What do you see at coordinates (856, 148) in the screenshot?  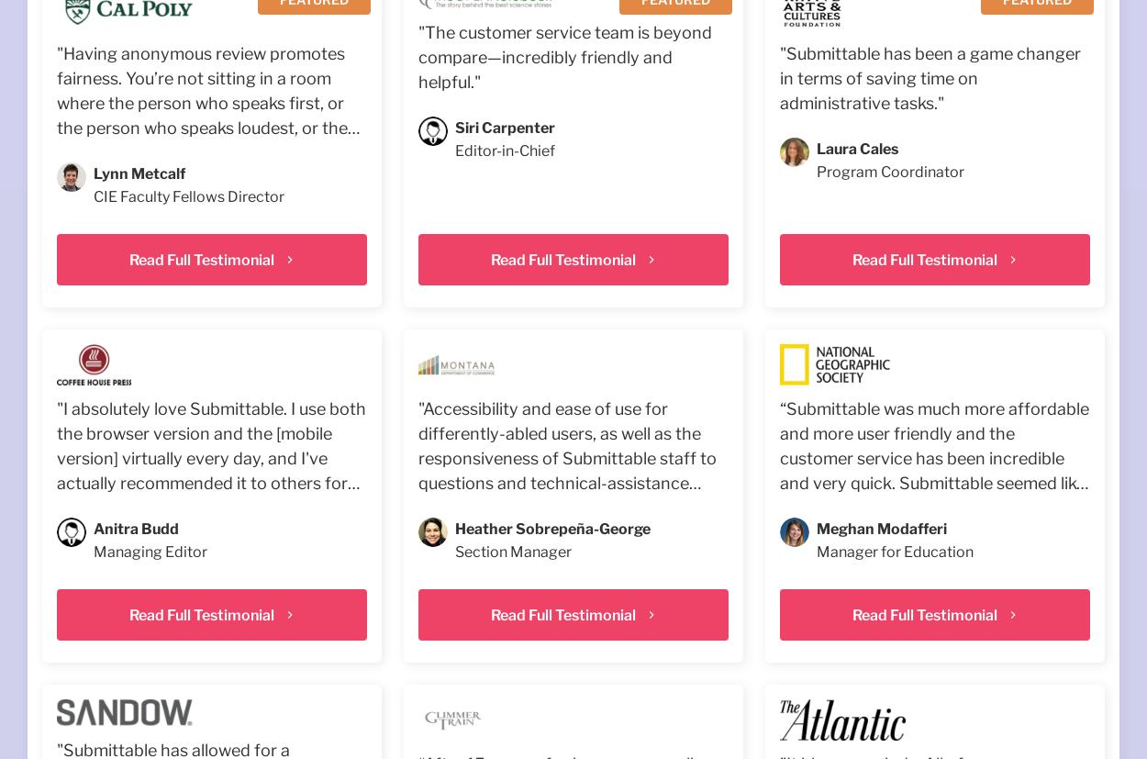 I see `'Laura Cales'` at bounding box center [856, 148].